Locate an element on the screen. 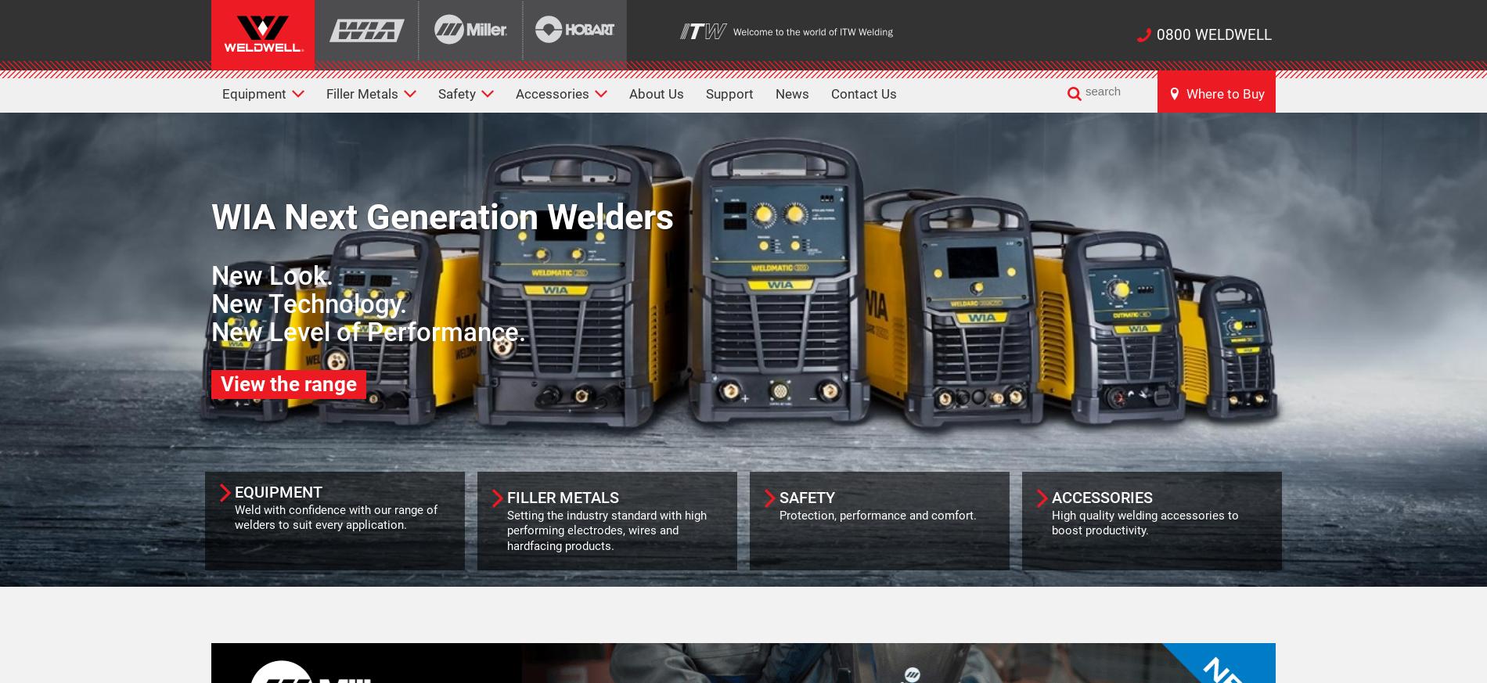 The height and width of the screenshot is (683, 1487). 'New Technology.' is located at coordinates (308, 302).